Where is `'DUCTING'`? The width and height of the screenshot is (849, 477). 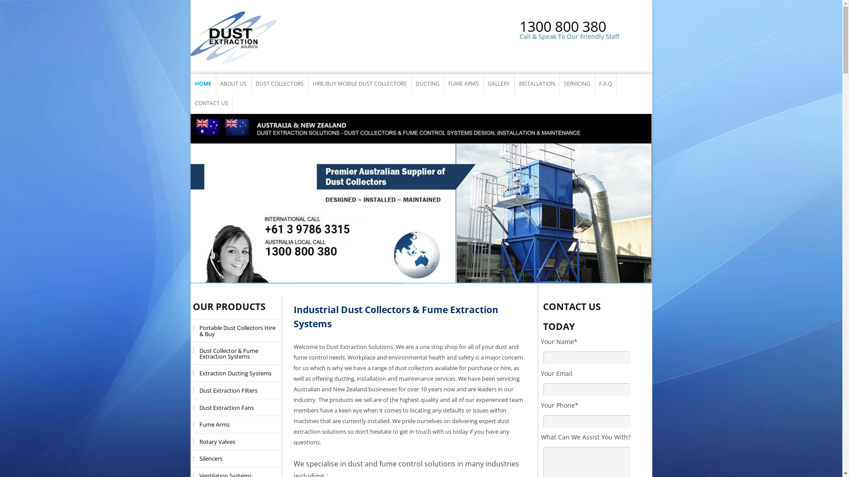 'DUCTING' is located at coordinates (427, 83).